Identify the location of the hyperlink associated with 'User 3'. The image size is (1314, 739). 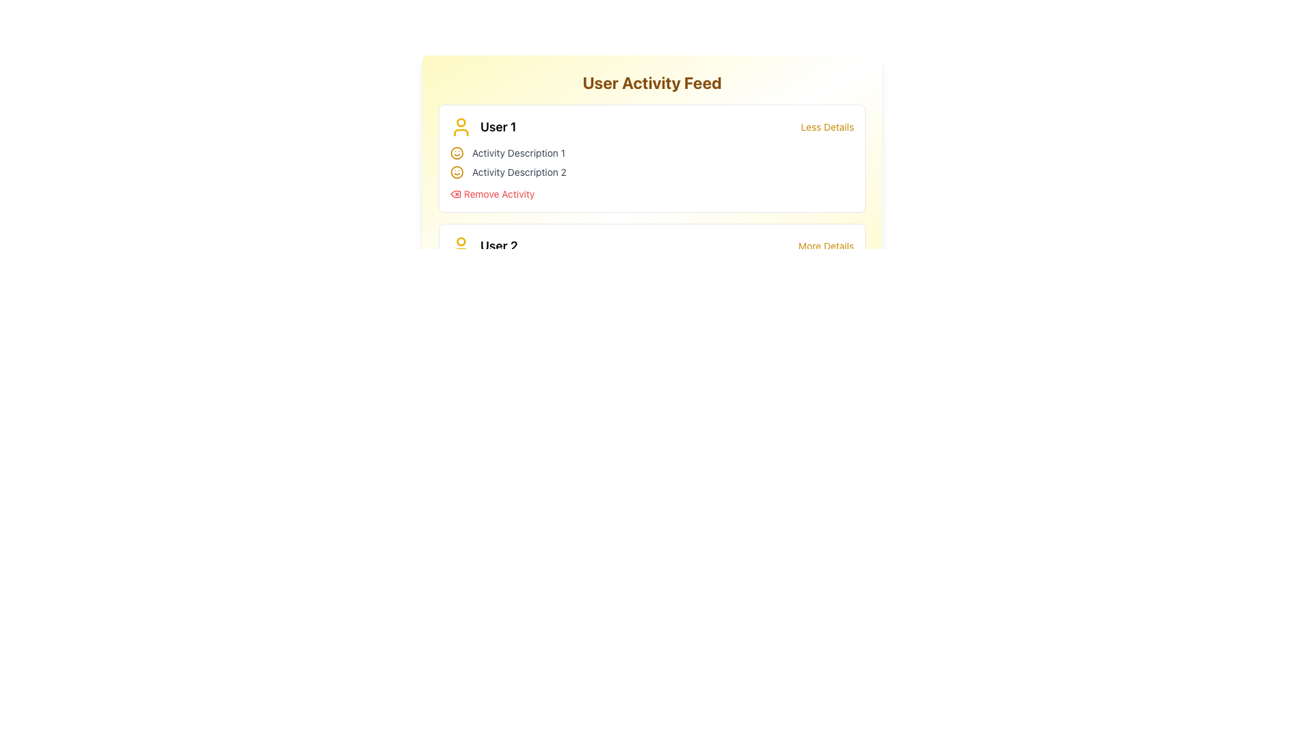
(825, 302).